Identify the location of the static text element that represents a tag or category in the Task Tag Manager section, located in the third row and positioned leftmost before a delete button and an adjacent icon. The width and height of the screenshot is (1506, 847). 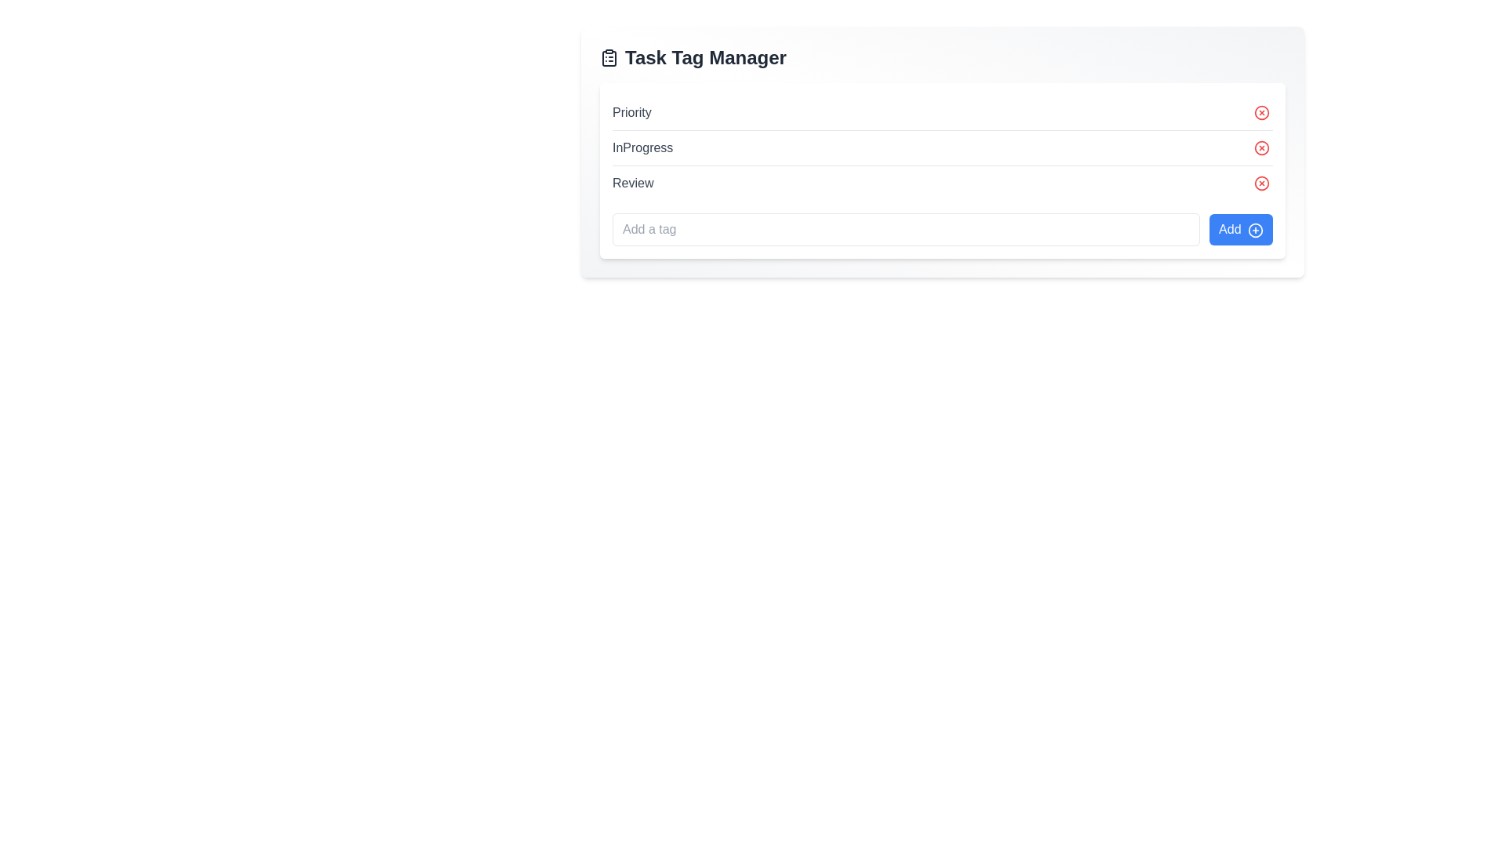
(633, 183).